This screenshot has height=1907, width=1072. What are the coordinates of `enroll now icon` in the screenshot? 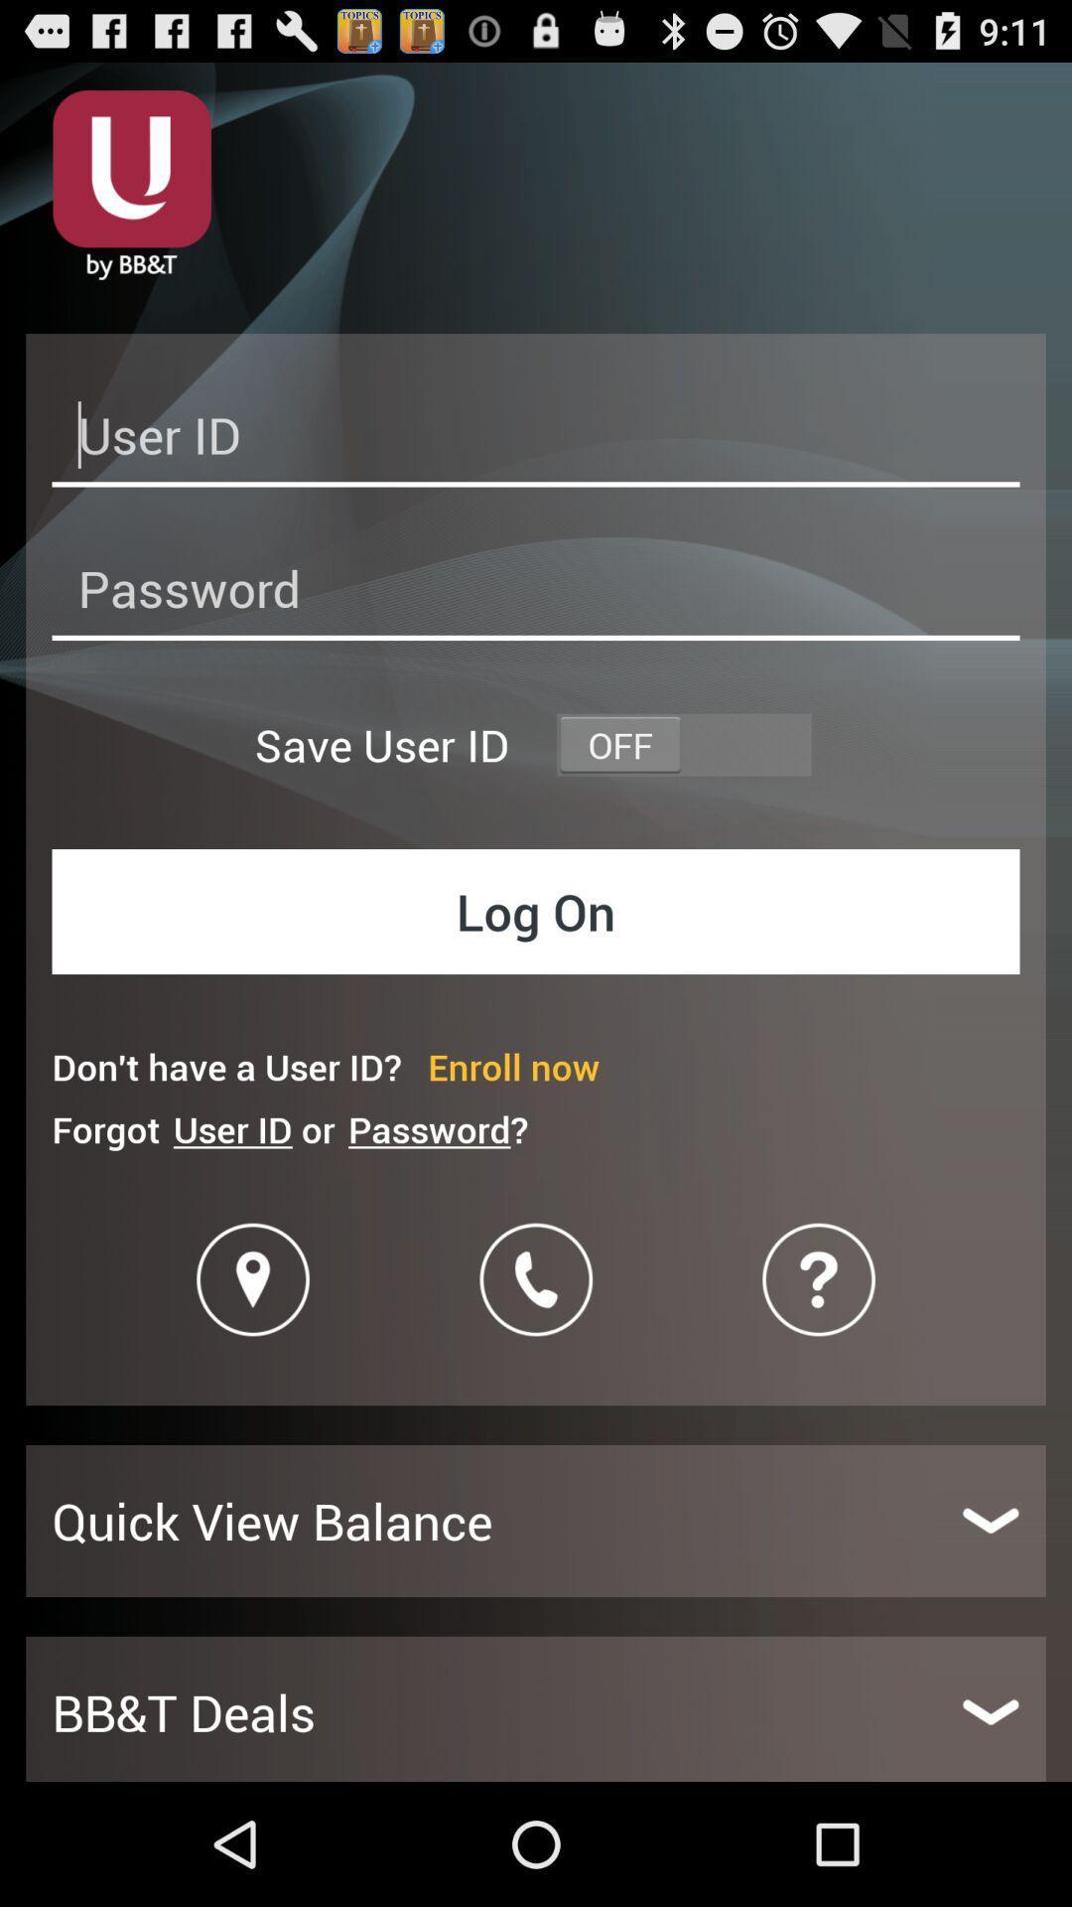 It's located at (512, 1066).